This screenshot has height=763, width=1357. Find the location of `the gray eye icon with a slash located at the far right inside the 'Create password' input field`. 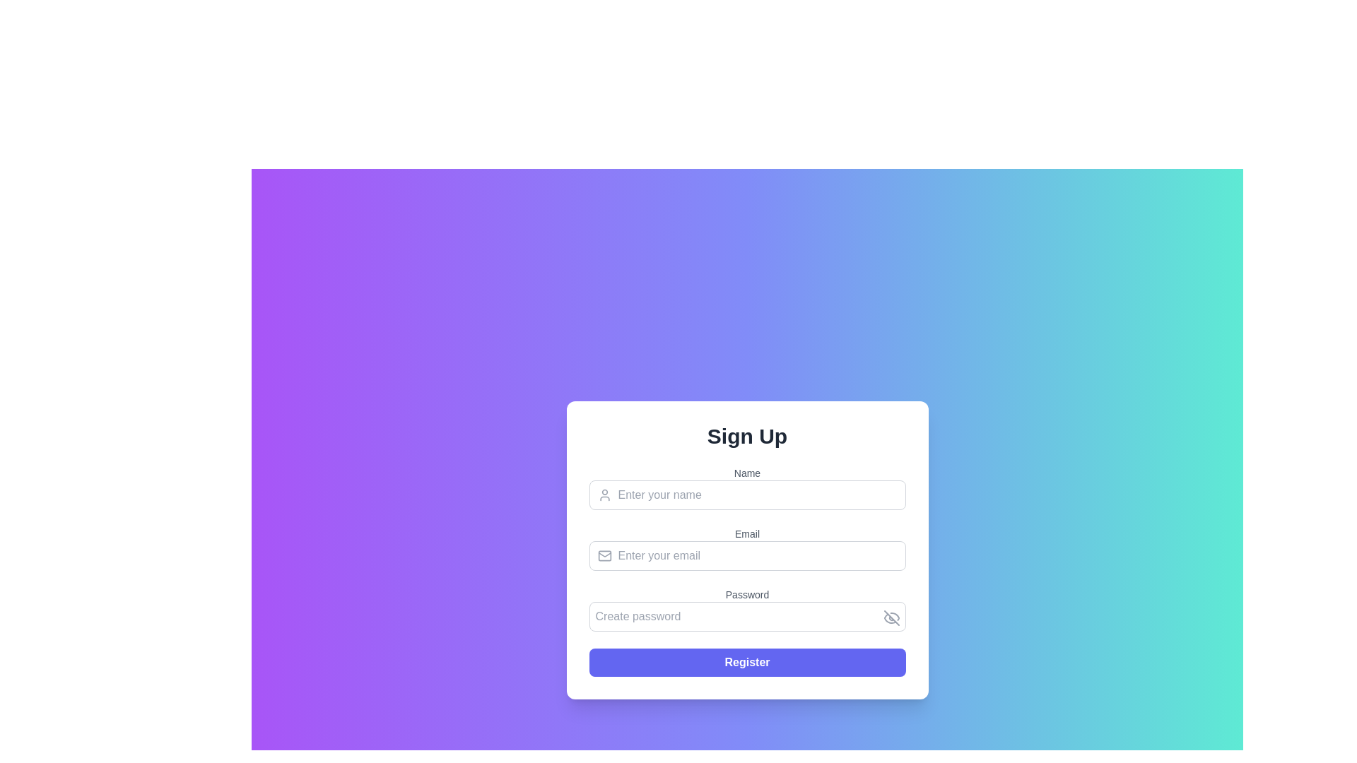

the gray eye icon with a slash located at the far right inside the 'Create password' input field is located at coordinates (889, 615).